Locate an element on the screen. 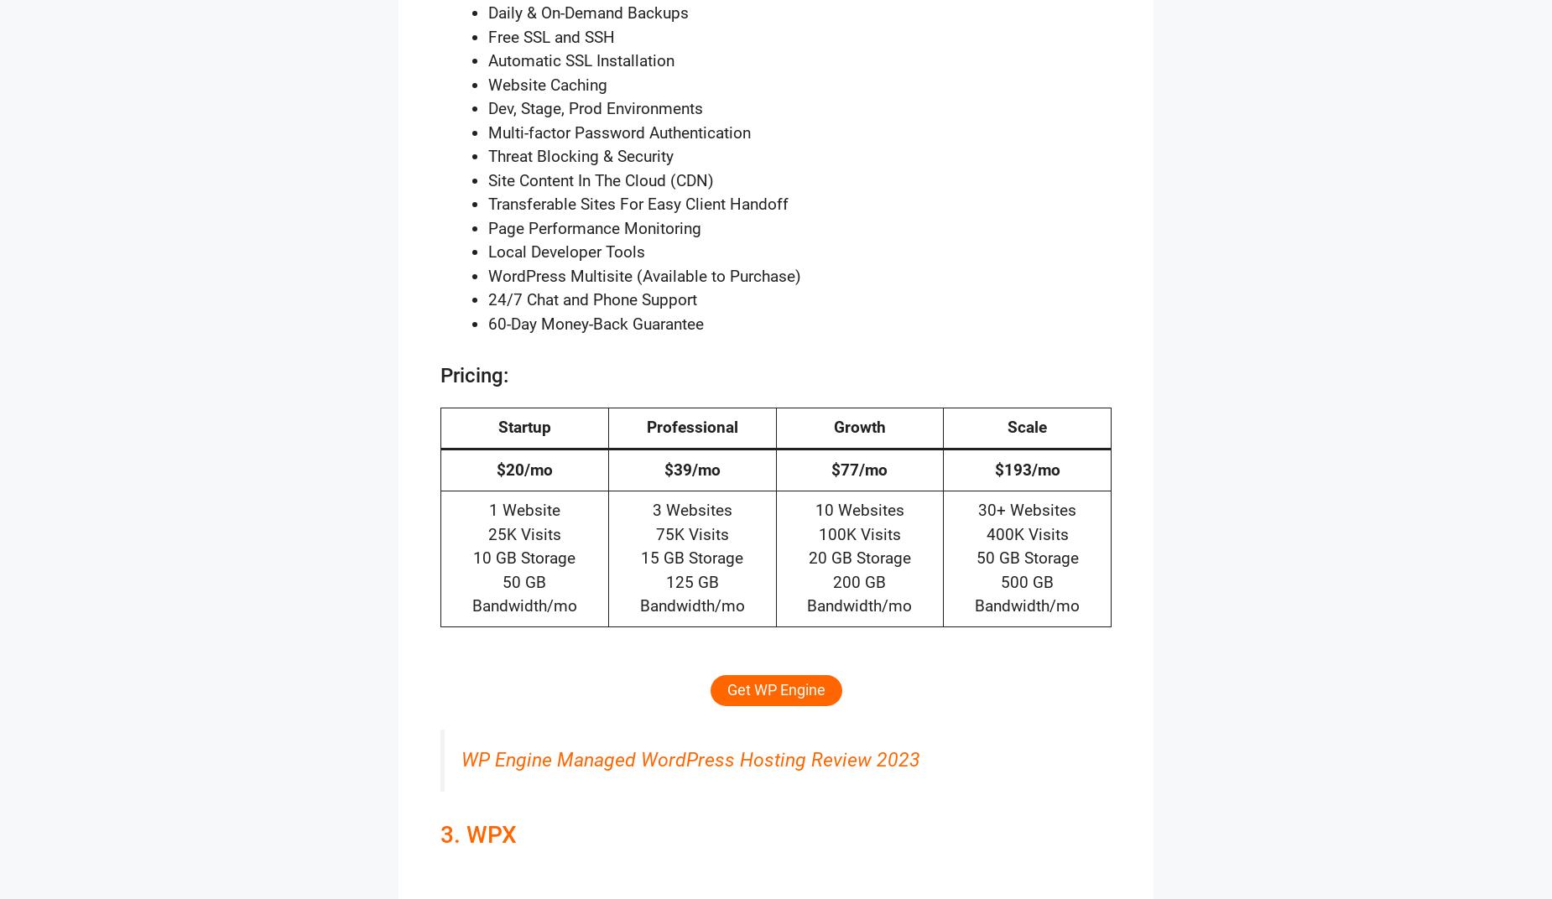  'Professional' is located at coordinates (691, 427).